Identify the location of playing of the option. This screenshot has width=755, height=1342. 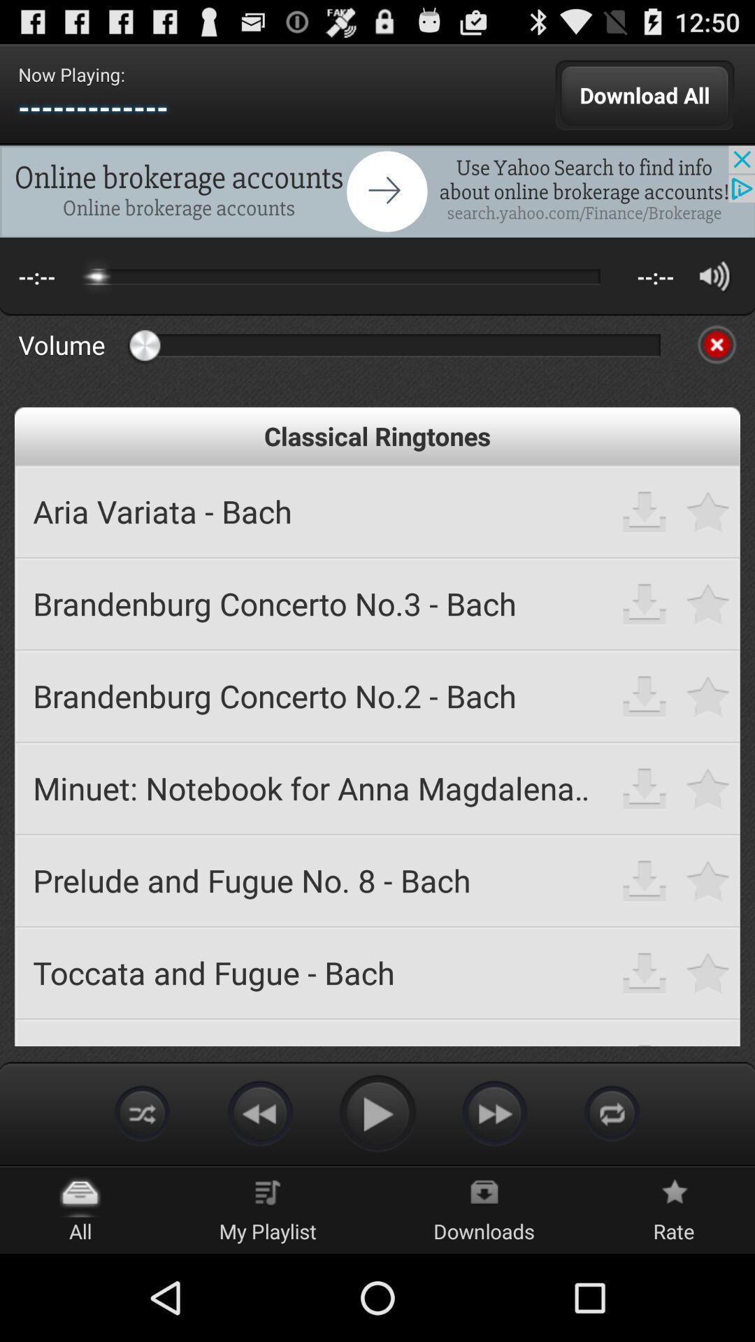
(377, 1112).